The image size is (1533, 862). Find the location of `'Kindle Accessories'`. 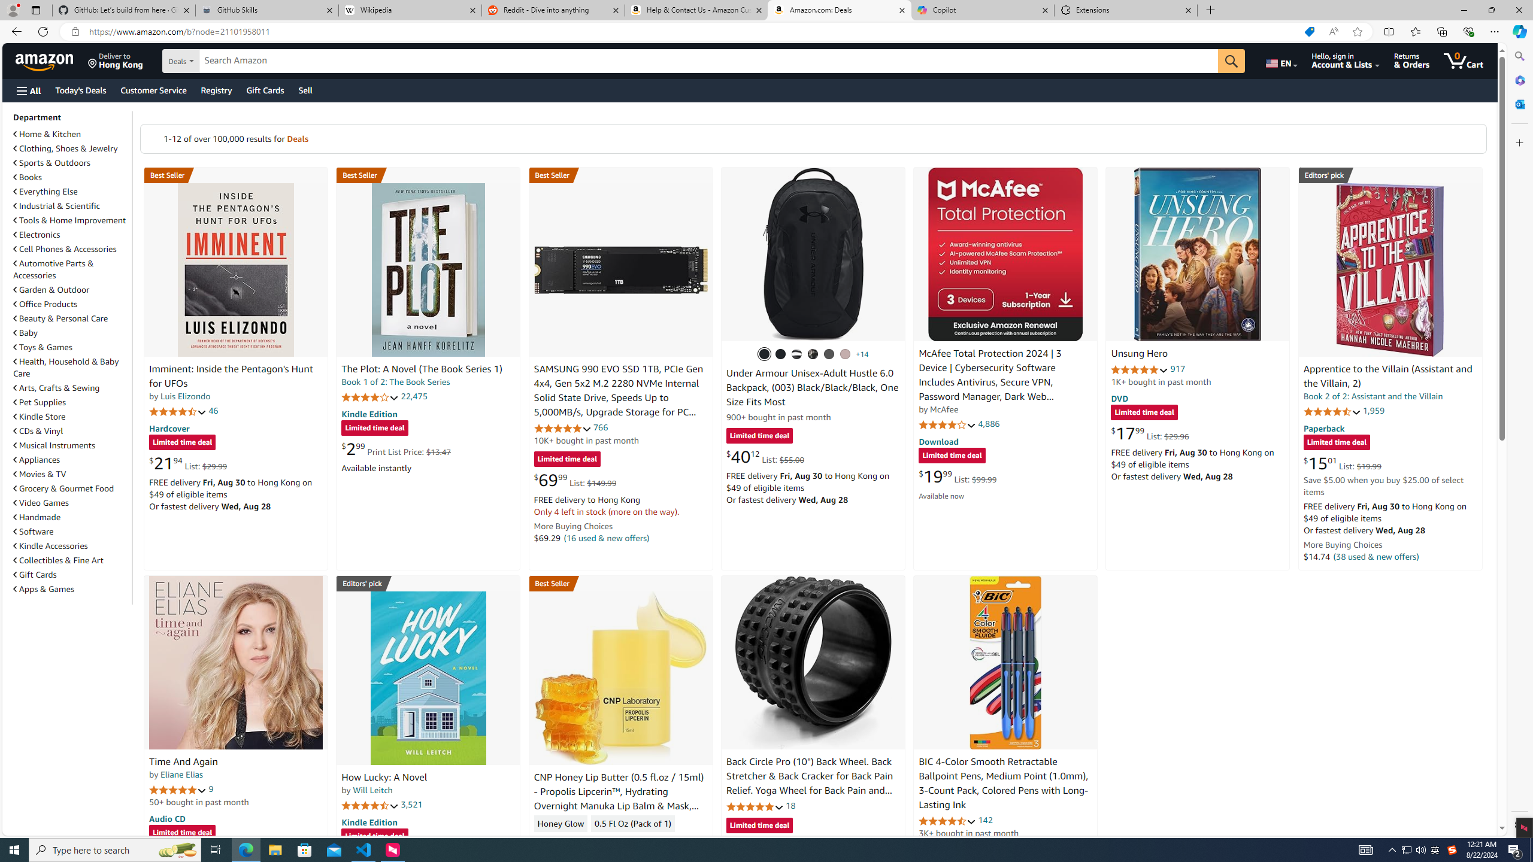

'Kindle Accessories' is located at coordinates (71, 545).